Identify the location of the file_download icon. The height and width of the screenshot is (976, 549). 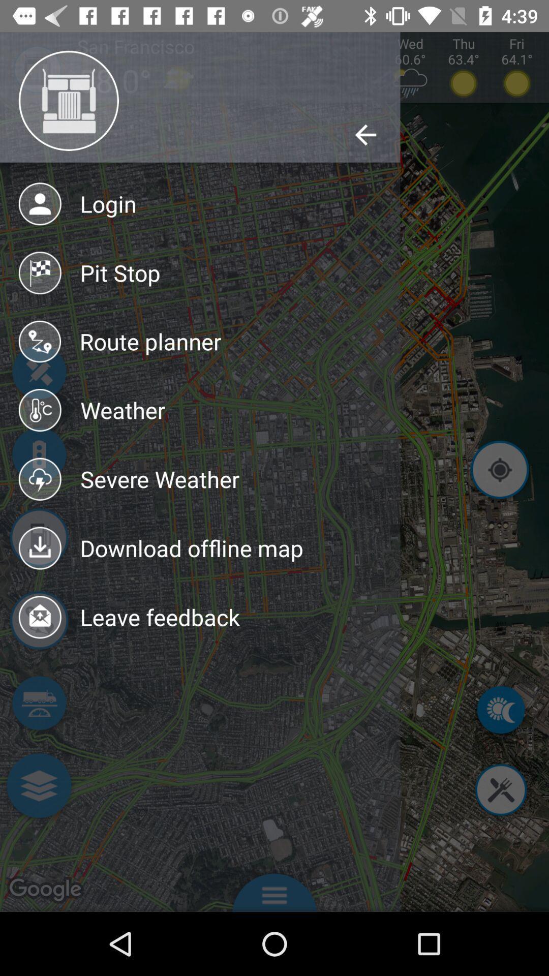
(38, 539).